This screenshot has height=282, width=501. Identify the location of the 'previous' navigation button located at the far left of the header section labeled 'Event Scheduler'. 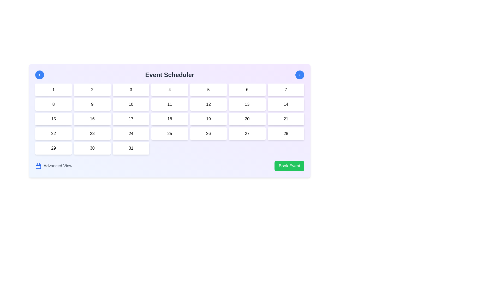
(39, 75).